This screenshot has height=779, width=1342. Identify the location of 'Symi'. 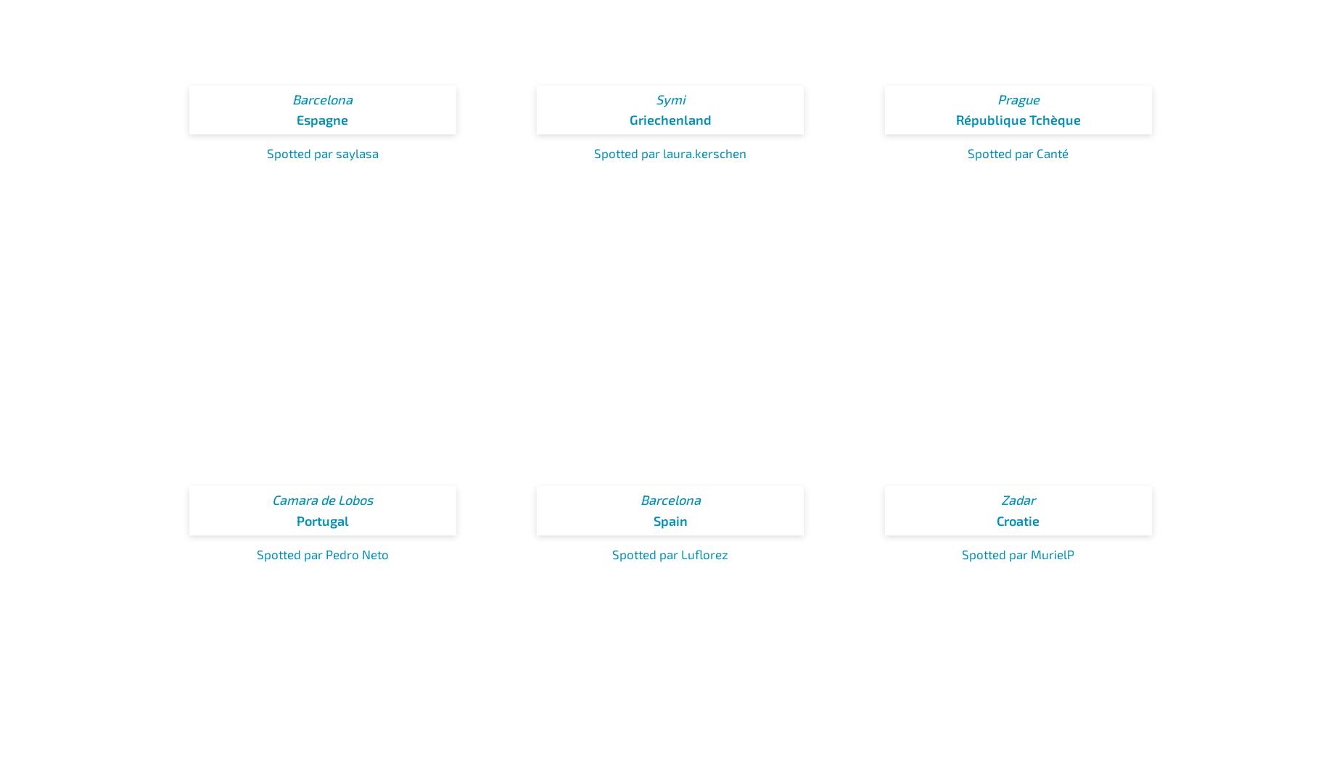
(670, 97).